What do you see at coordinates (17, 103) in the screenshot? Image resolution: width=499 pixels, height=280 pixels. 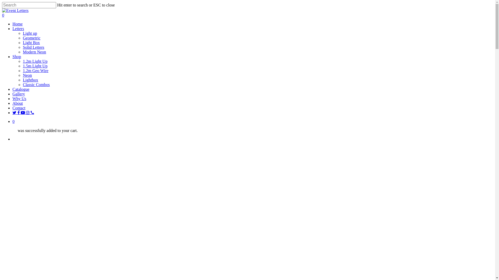 I see `'About'` at bounding box center [17, 103].